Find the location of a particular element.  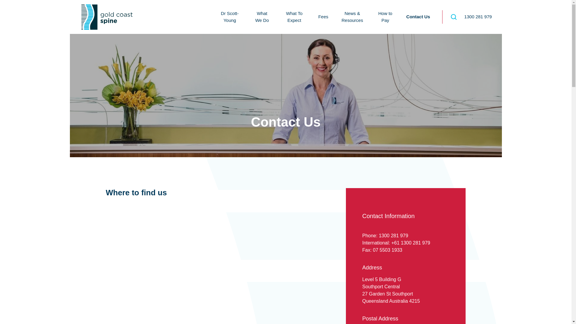

'Dr Scott-Young' is located at coordinates (217, 16).